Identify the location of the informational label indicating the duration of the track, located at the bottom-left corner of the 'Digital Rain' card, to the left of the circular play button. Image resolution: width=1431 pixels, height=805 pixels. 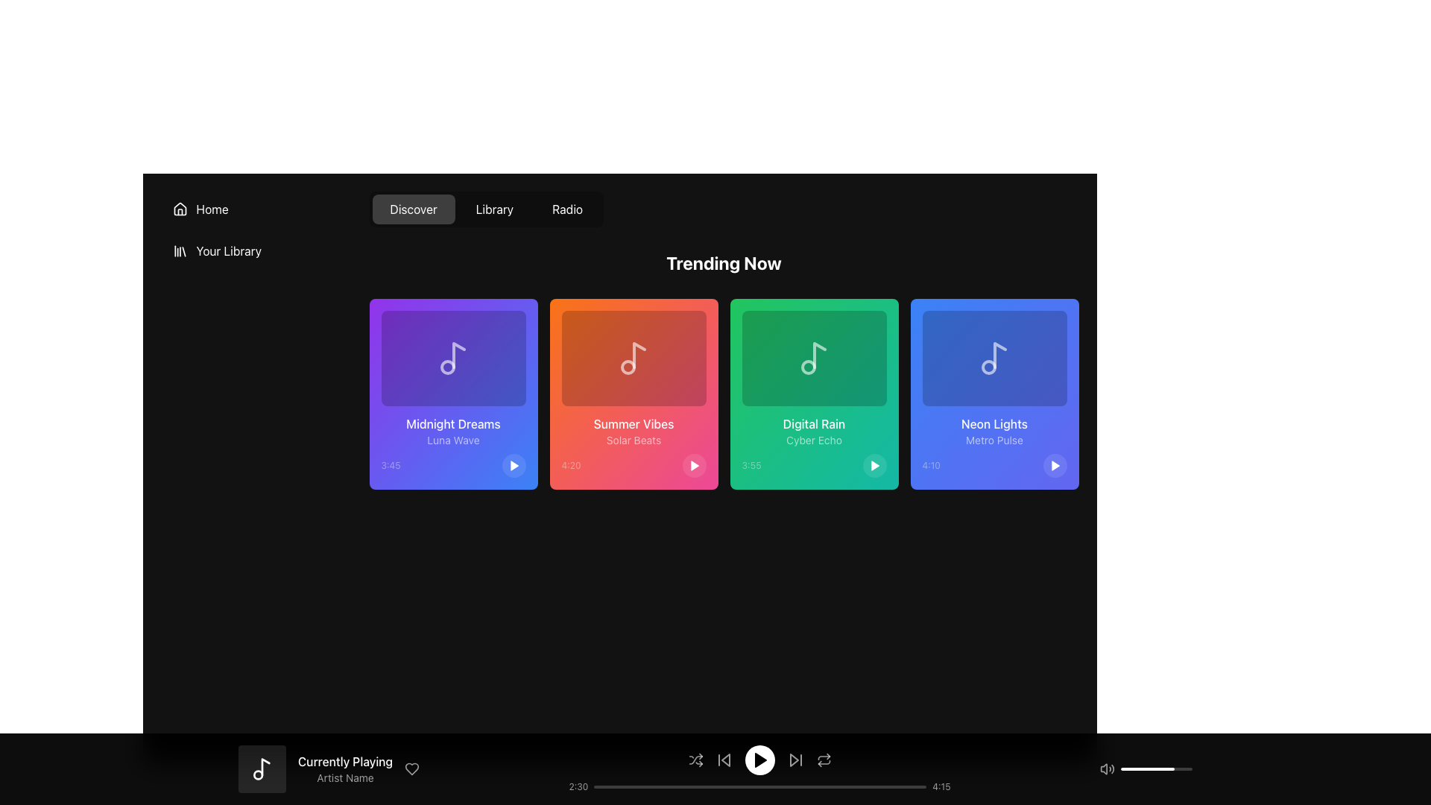
(751, 464).